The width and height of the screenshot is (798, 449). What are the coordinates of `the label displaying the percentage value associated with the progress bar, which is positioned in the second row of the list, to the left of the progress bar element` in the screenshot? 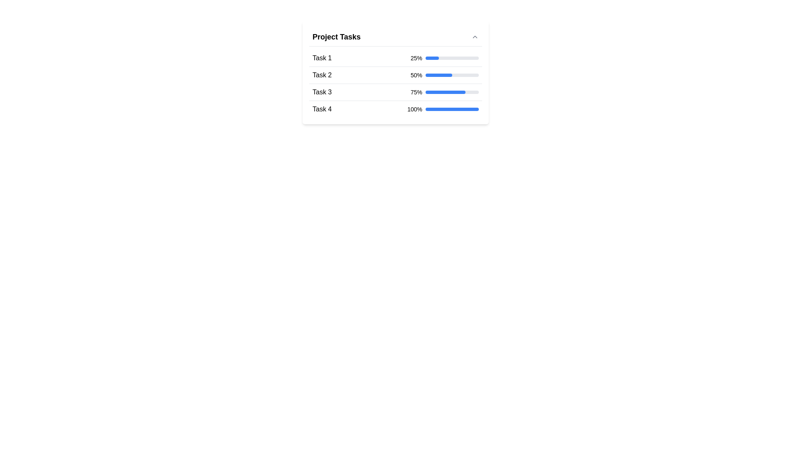 It's located at (416, 75).